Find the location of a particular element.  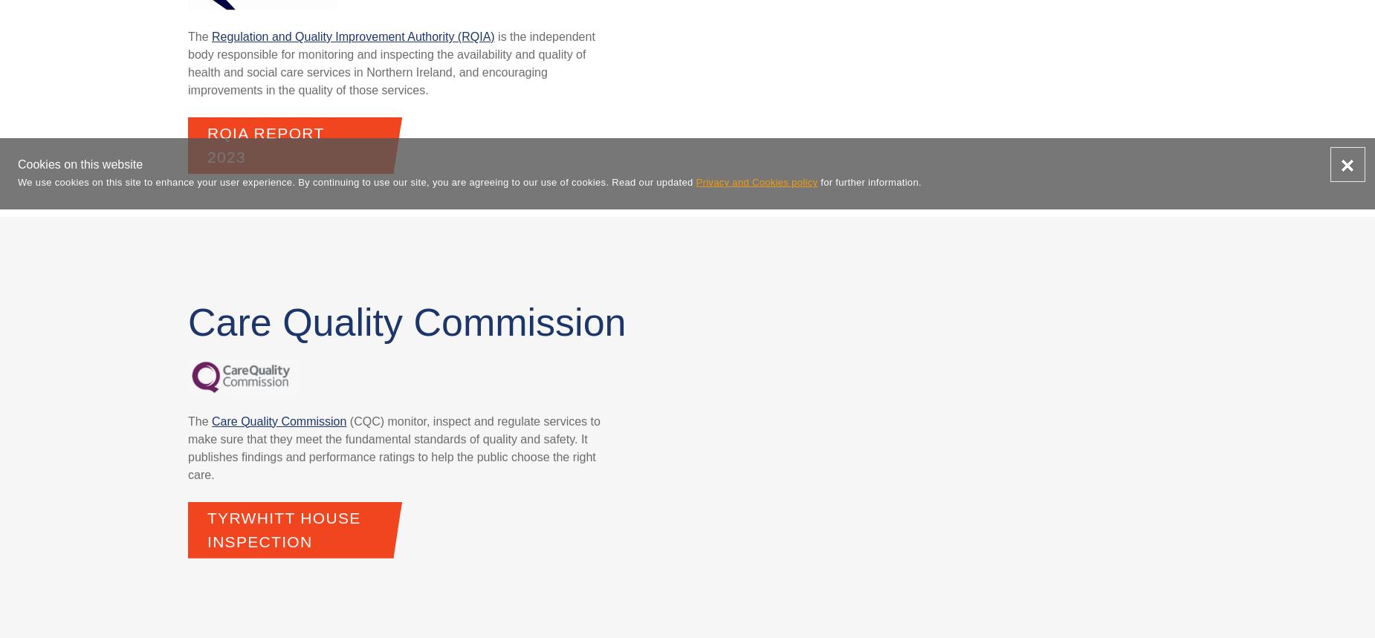

'Regulation and Quality Improvement Authority (RQIA)' is located at coordinates (353, 36).